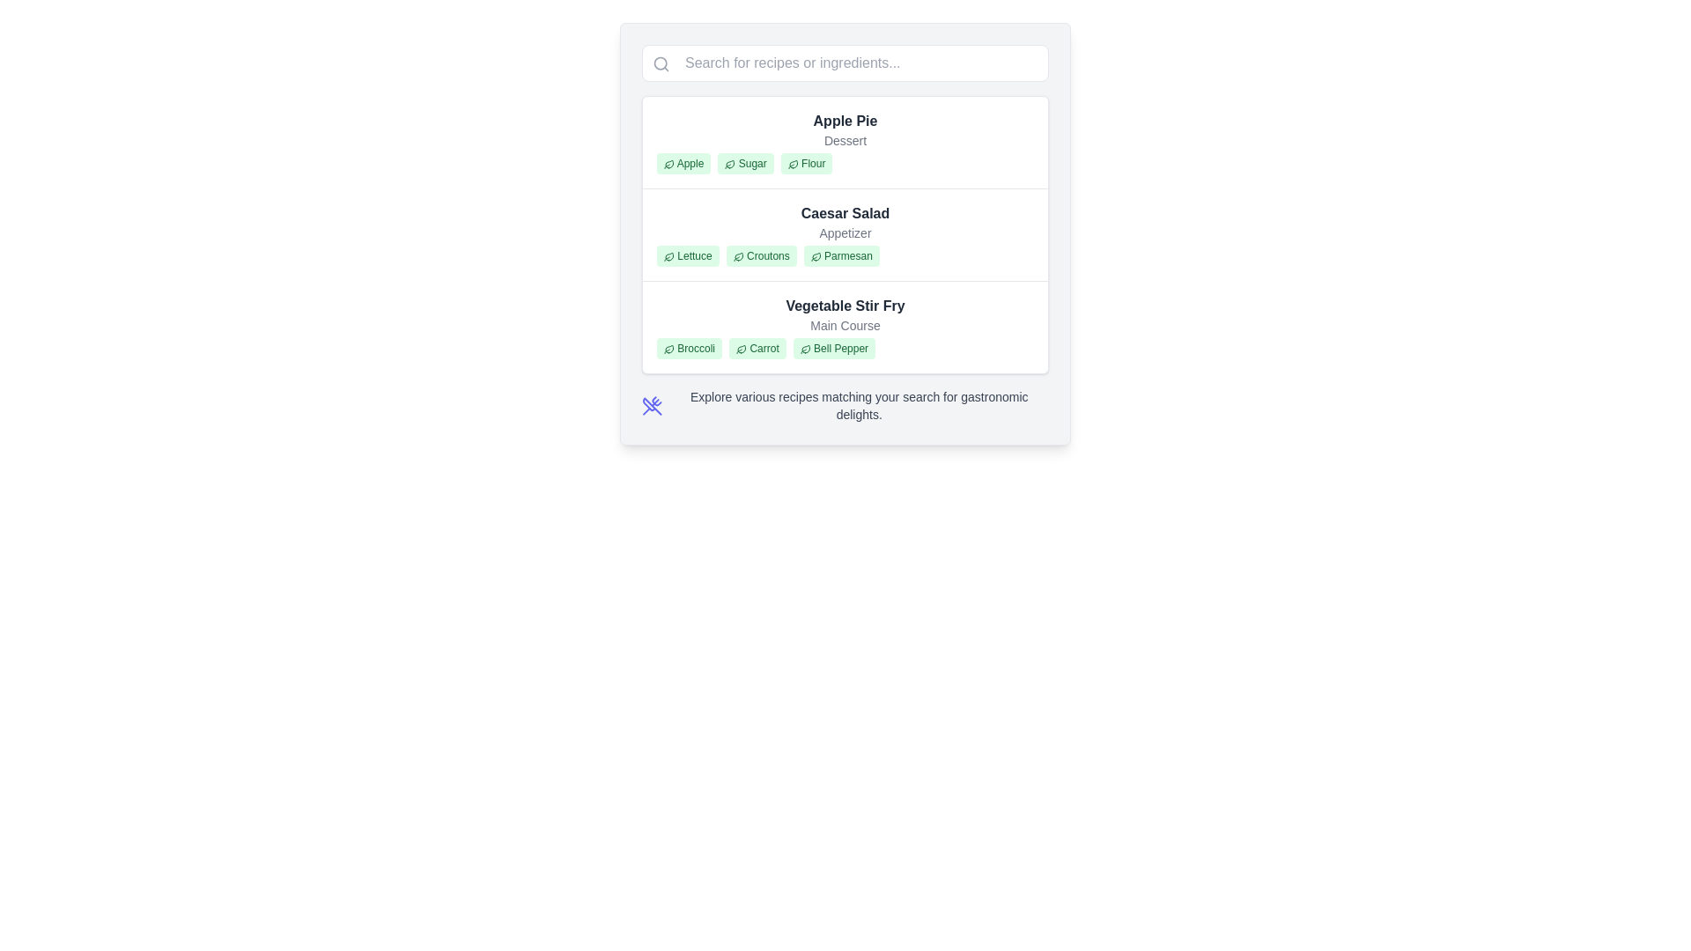 This screenshot has width=1691, height=951. What do you see at coordinates (804, 349) in the screenshot?
I see `the green leaf icon located to the left of the text 'Bell Pepper' within the green label in the 'Vegetable Stir Fry' section` at bounding box center [804, 349].